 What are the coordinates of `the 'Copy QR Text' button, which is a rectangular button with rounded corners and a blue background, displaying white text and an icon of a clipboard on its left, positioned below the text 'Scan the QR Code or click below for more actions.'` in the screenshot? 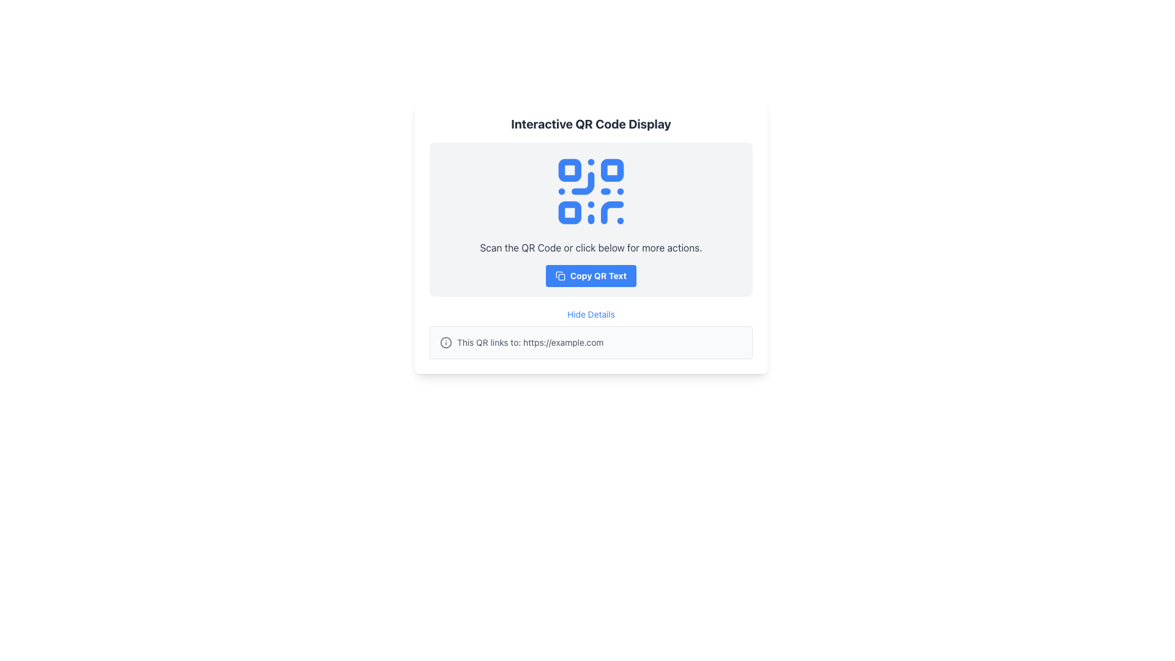 It's located at (591, 276).